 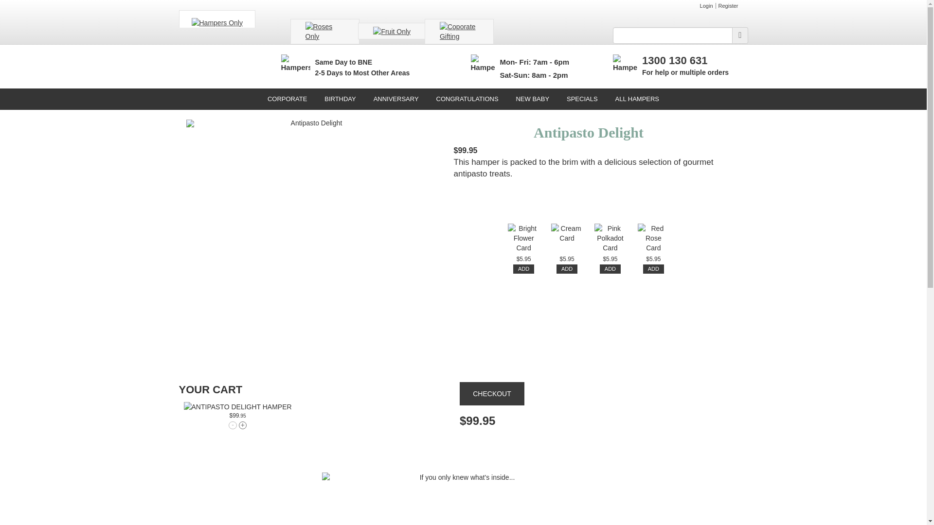 I want to click on 'Register', so click(x=728, y=5).